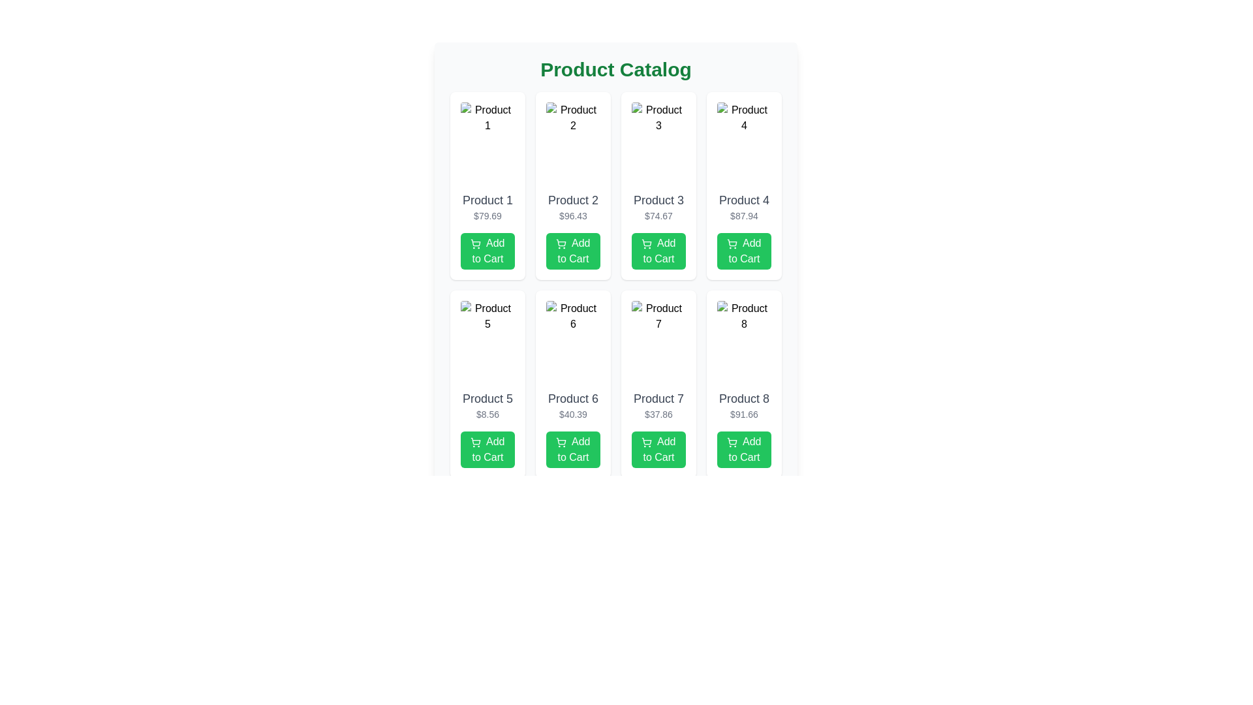 This screenshot has width=1253, height=705. Describe the element at coordinates (658, 251) in the screenshot. I see `the 'Add to Cart' button for 'Product 3' located below the price display ('$74.67') to observe any hover effects` at that location.